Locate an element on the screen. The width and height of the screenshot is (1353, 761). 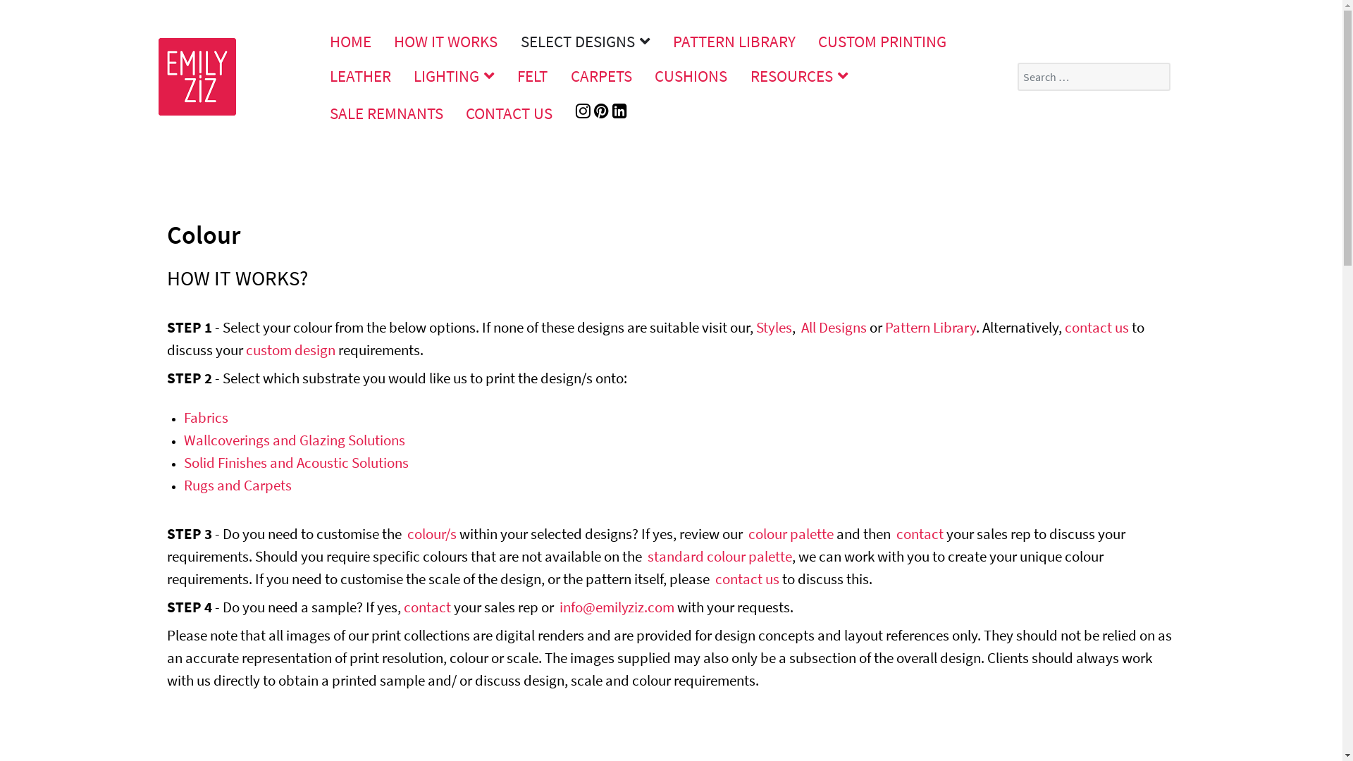
'CONTACT US' is located at coordinates (509, 112).